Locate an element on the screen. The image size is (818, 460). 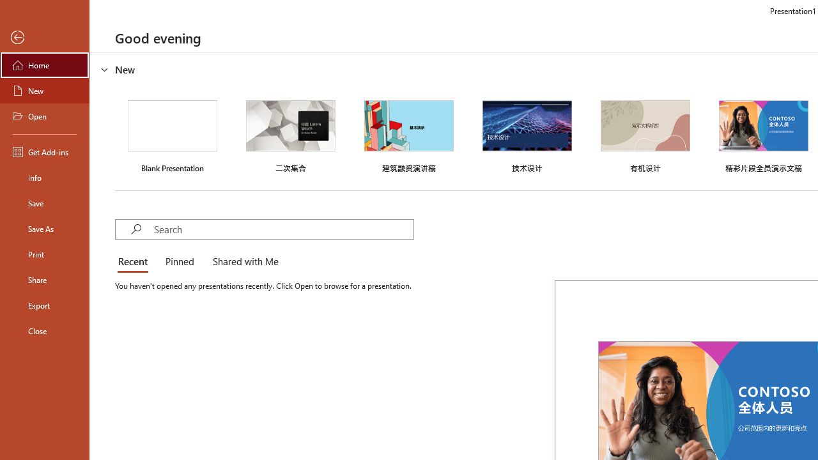
'Blank Presentation' is located at coordinates (172, 135).